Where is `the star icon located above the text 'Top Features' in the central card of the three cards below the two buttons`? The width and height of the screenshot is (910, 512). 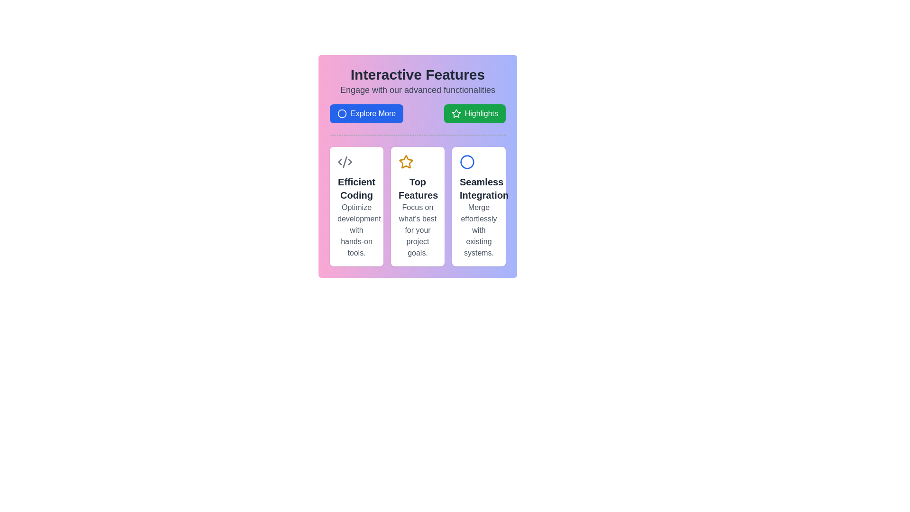
the star icon located above the text 'Top Features' in the central card of the three cards below the two buttons is located at coordinates (456, 113).